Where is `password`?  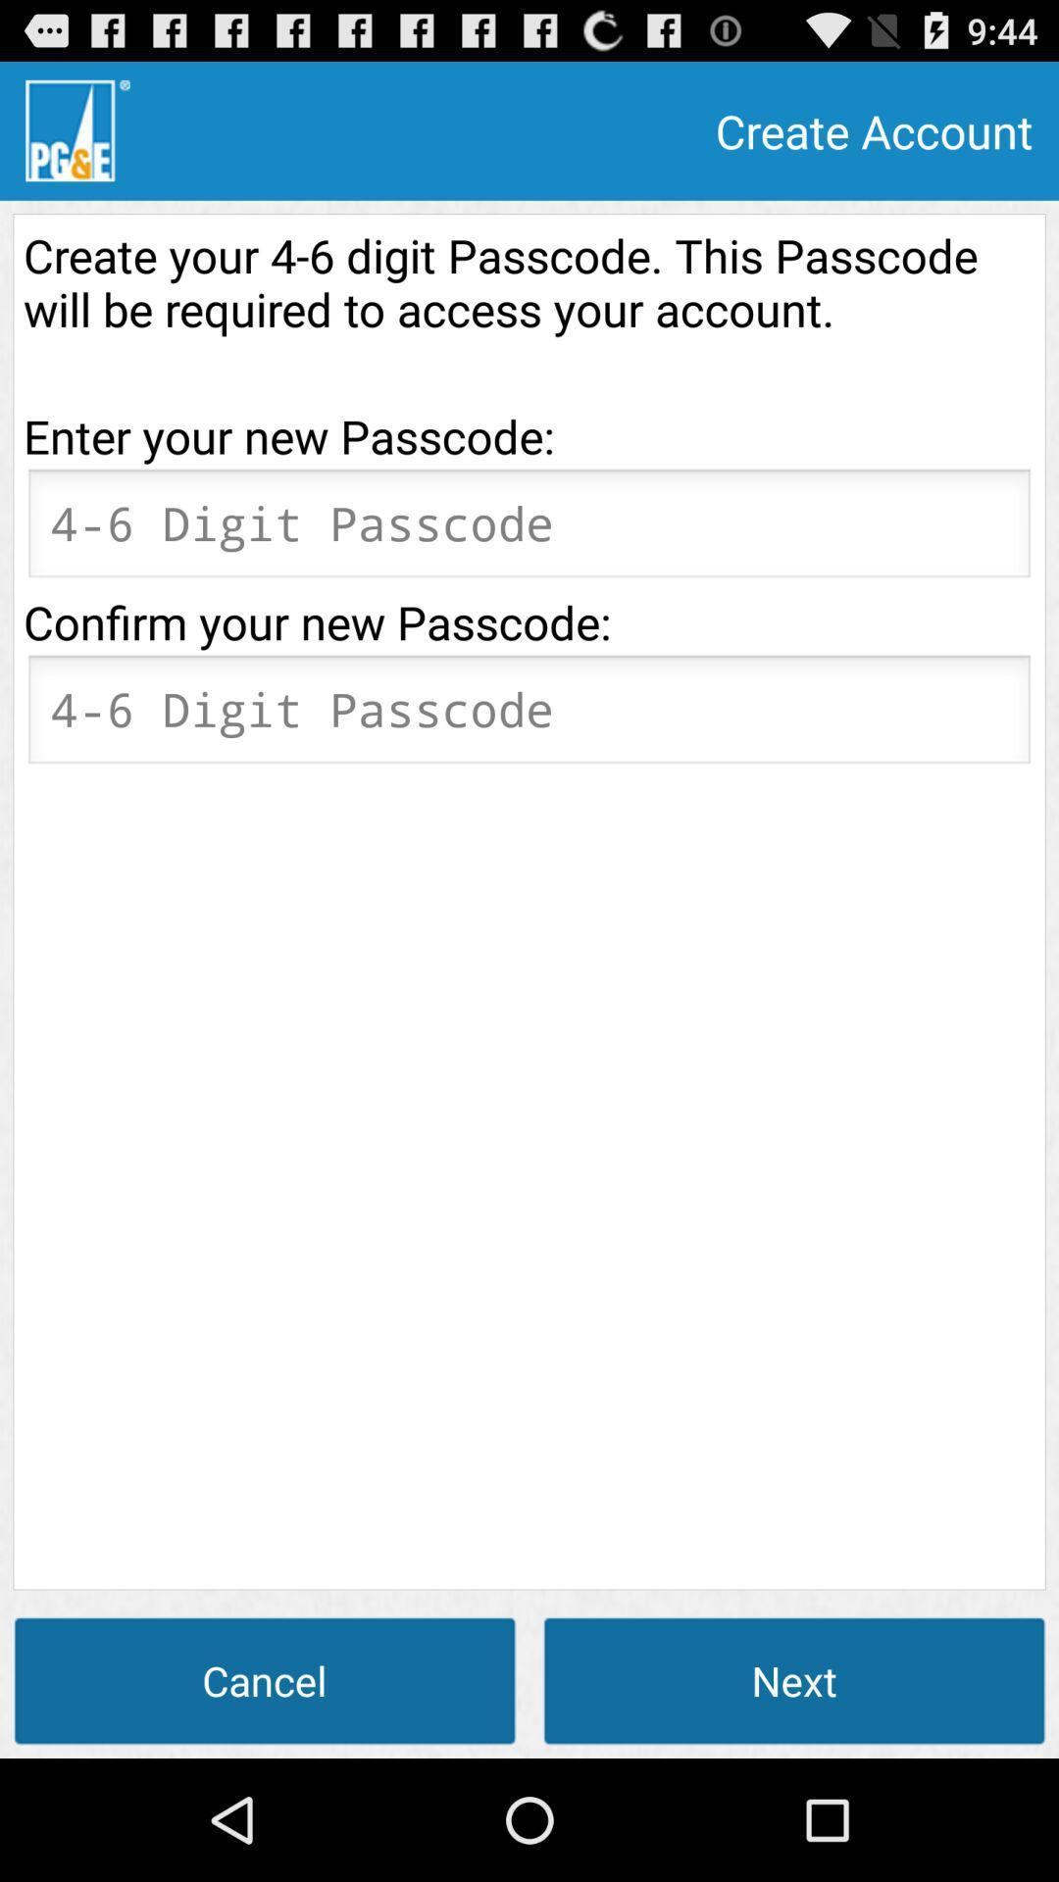
password is located at coordinates (529, 528).